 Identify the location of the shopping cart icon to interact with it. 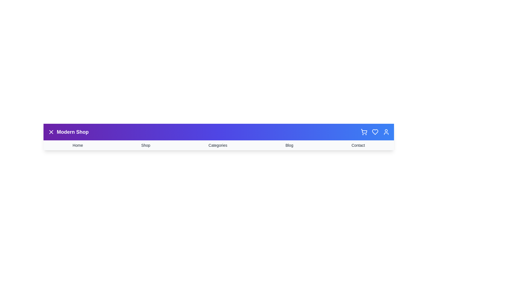
(364, 132).